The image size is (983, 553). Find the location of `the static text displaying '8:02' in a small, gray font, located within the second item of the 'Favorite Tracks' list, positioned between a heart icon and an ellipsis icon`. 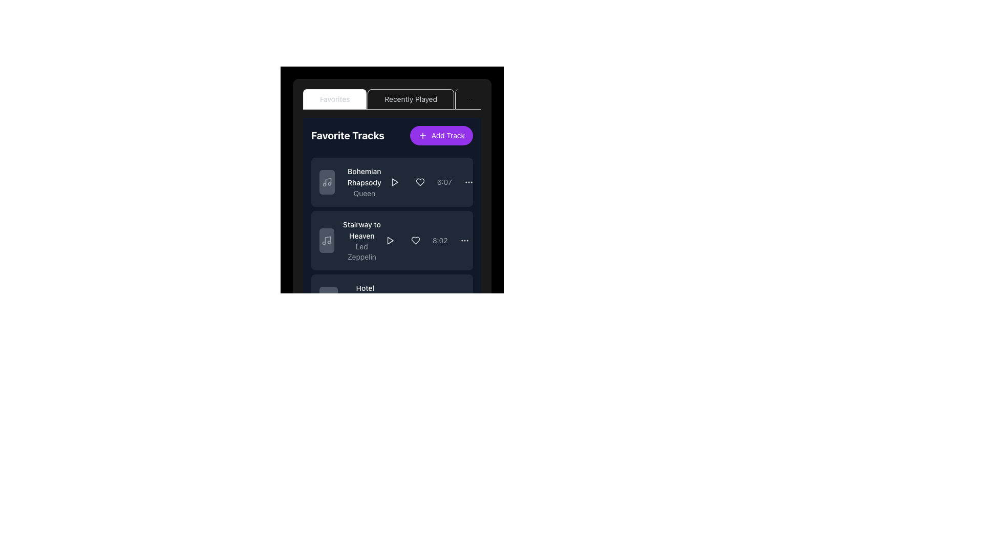

the static text displaying '8:02' in a small, gray font, located within the second item of the 'Favorite Tracks' list, positioned between a heart icon and an ellipsis icon is located at coordinates (427, 241).